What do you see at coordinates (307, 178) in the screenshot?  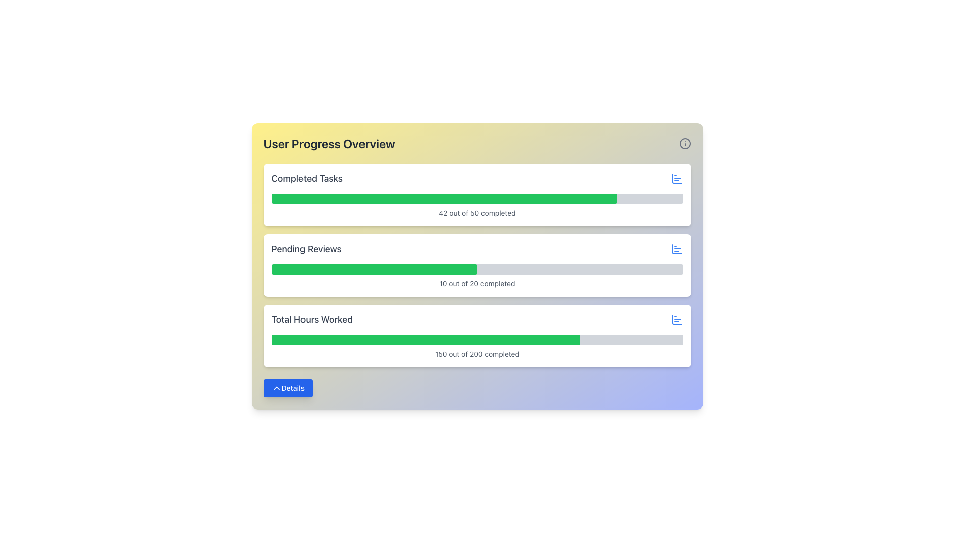 I see `the Text label that serves as a heading for the progress bar and completion statistics in the 'User Progress Overview' panel` at bounding box center [307, 178].